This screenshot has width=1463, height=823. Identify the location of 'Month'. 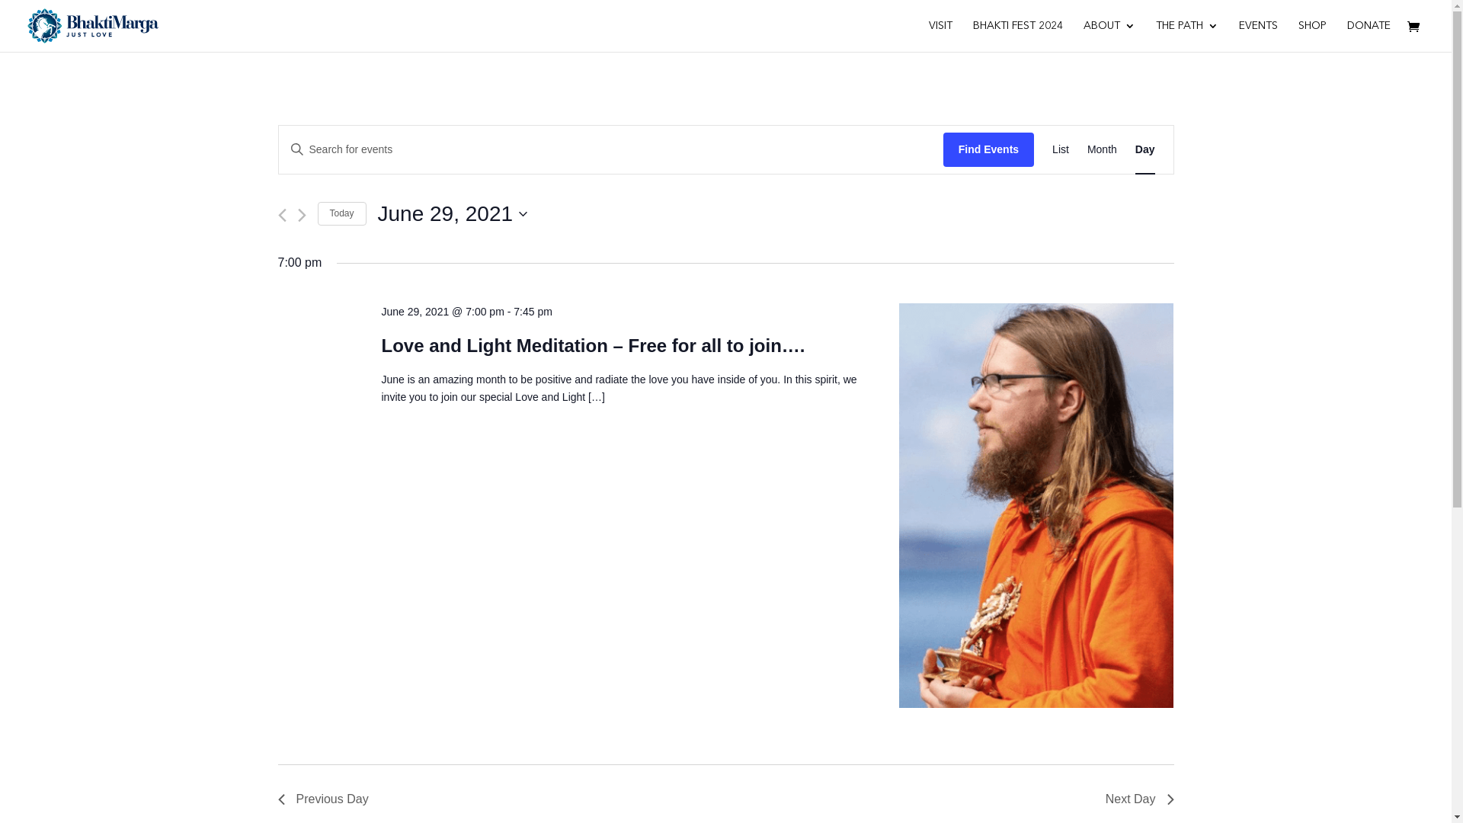
(1102, 149).